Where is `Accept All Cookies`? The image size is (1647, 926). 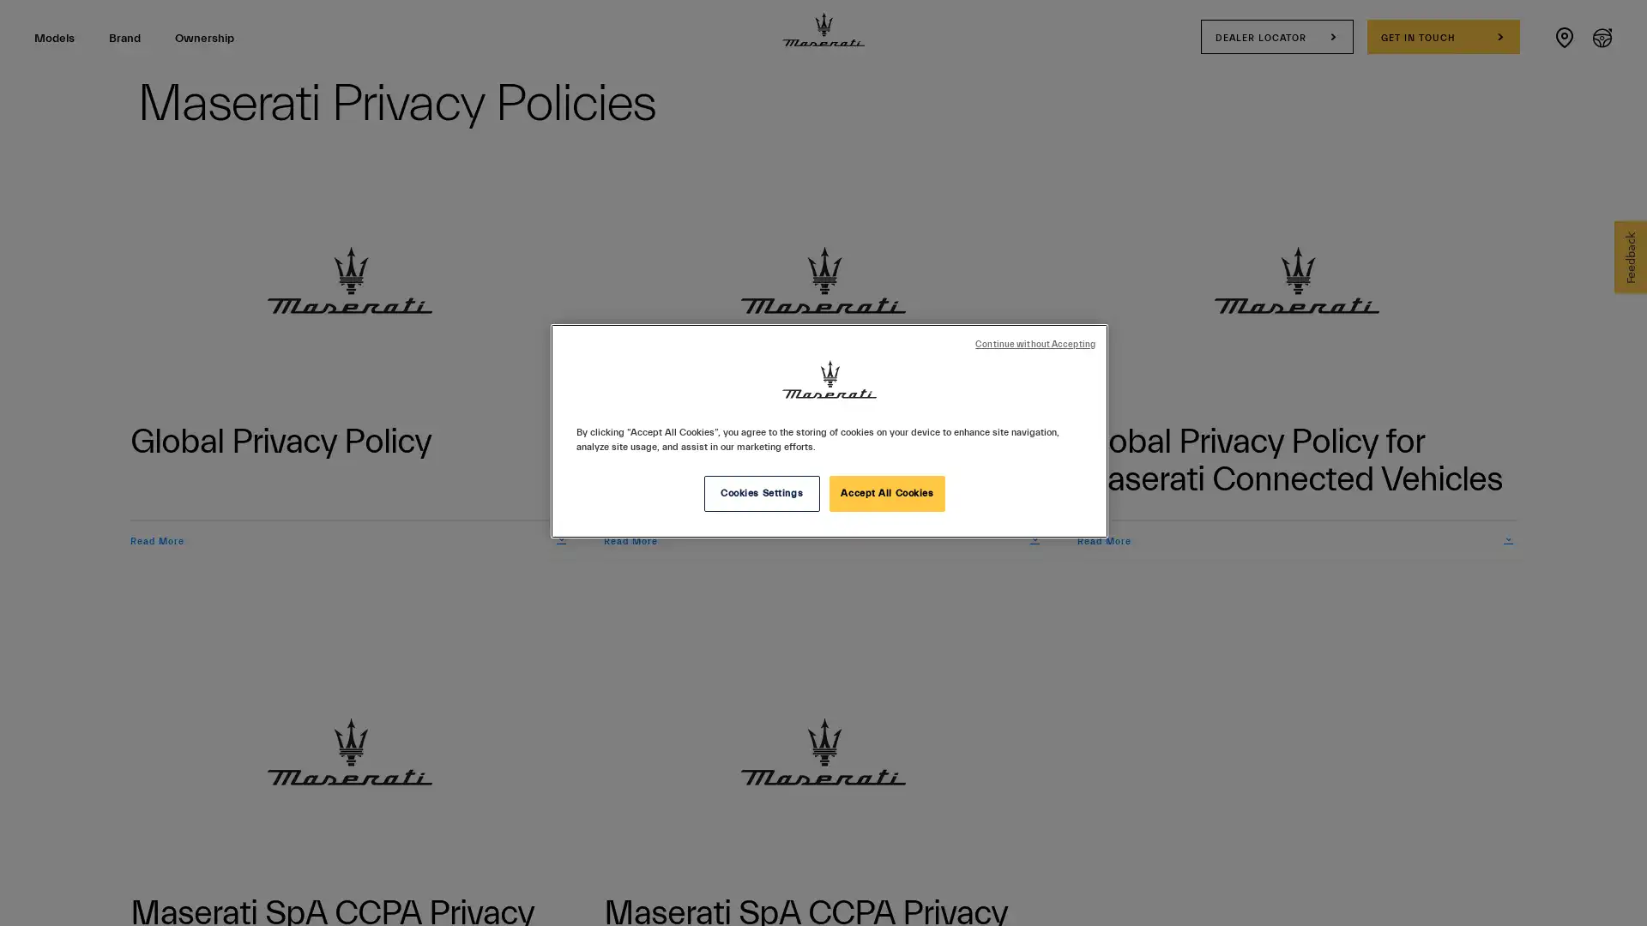
Accept All Cookies is located at coordinates (887, 493).